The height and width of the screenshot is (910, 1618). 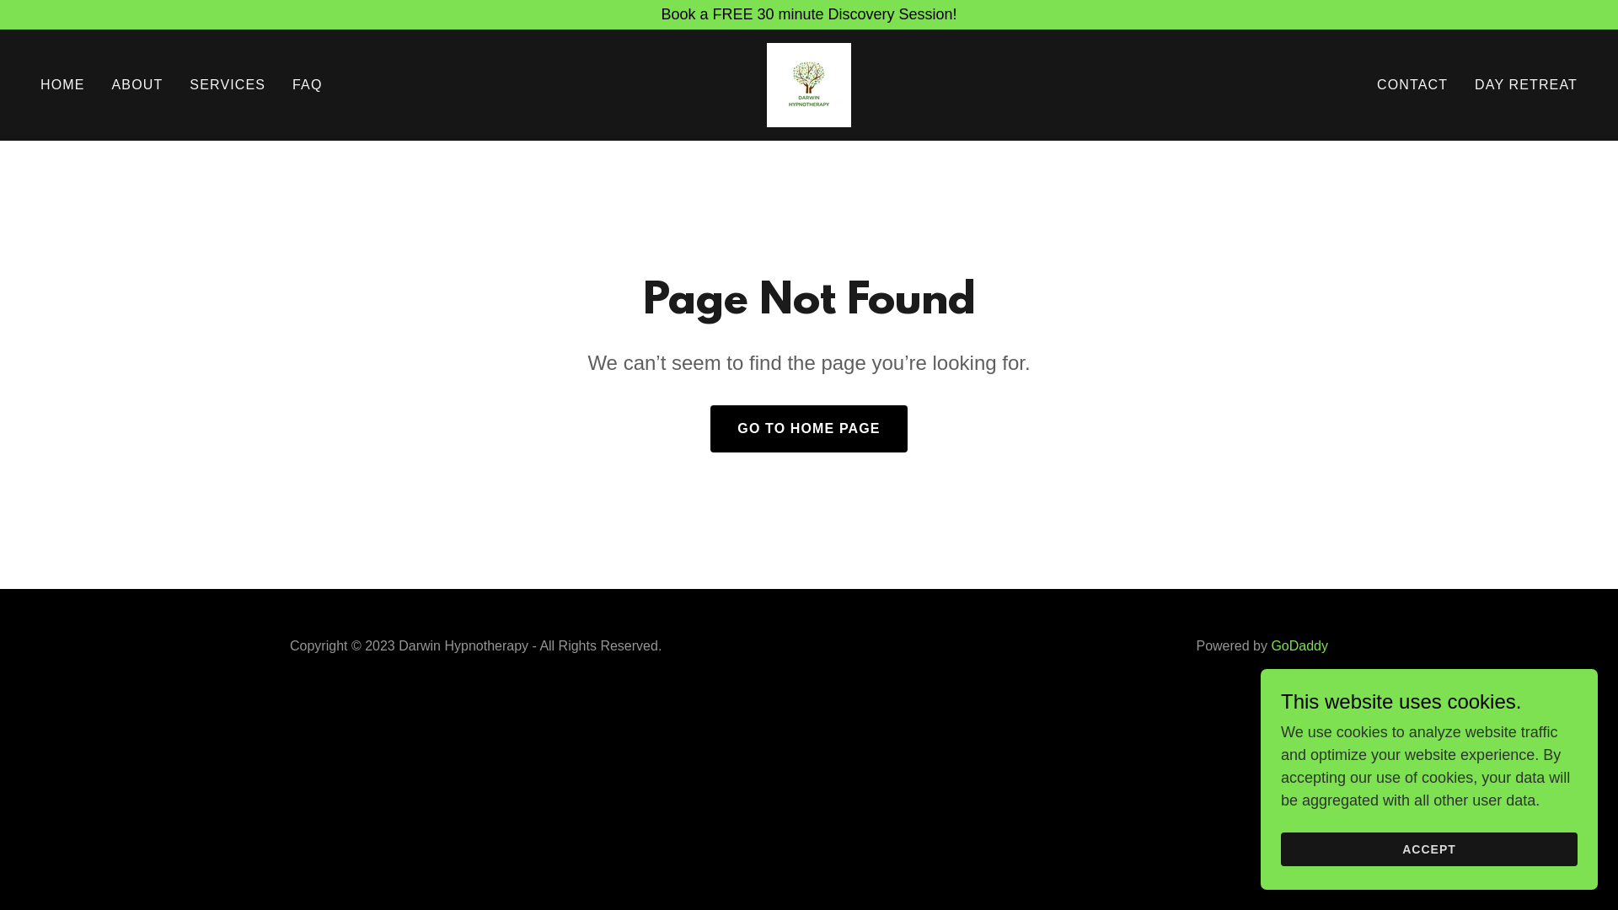 I want to click on 'Darwin Hypnotherapy', so click(x=809, y=84).